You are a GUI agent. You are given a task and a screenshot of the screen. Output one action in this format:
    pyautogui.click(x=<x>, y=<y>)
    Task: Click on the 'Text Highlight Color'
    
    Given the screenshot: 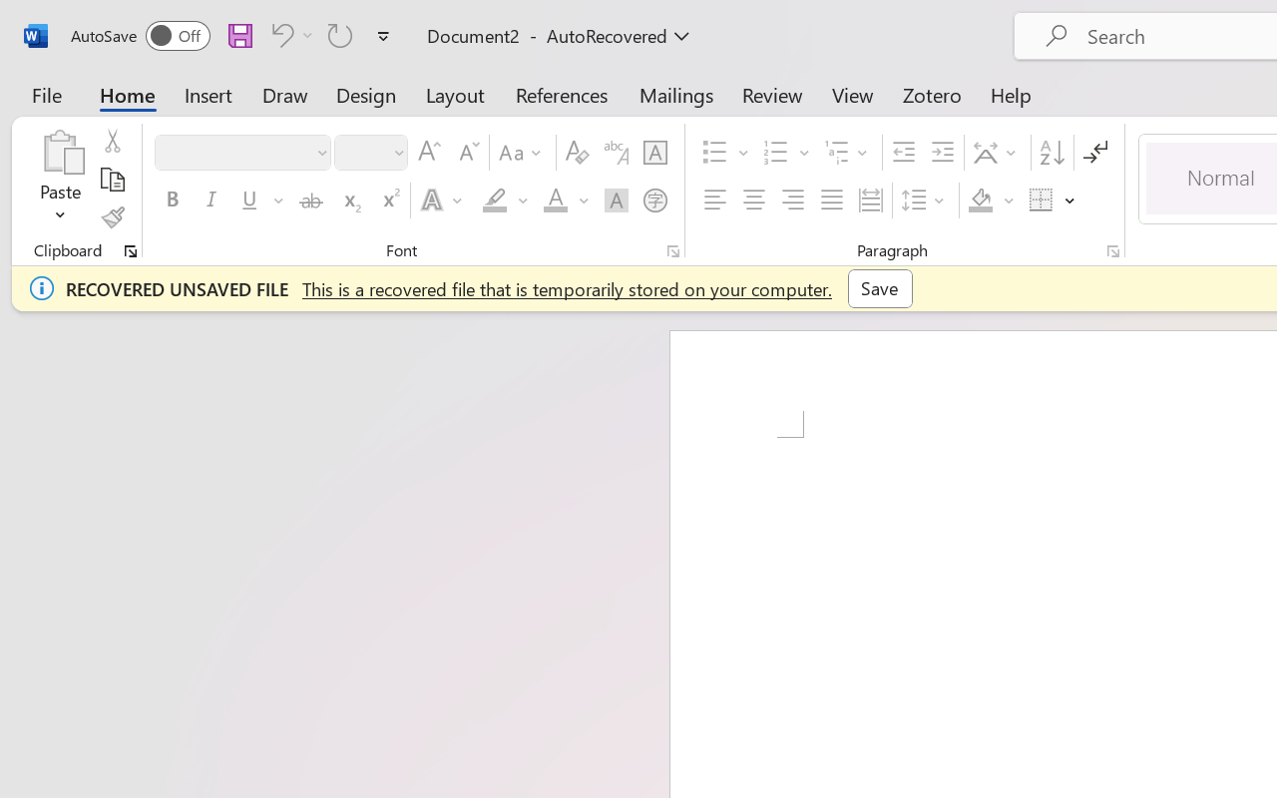 What is the action you would take?
    pyautogui.click(x=505, y=200)
    